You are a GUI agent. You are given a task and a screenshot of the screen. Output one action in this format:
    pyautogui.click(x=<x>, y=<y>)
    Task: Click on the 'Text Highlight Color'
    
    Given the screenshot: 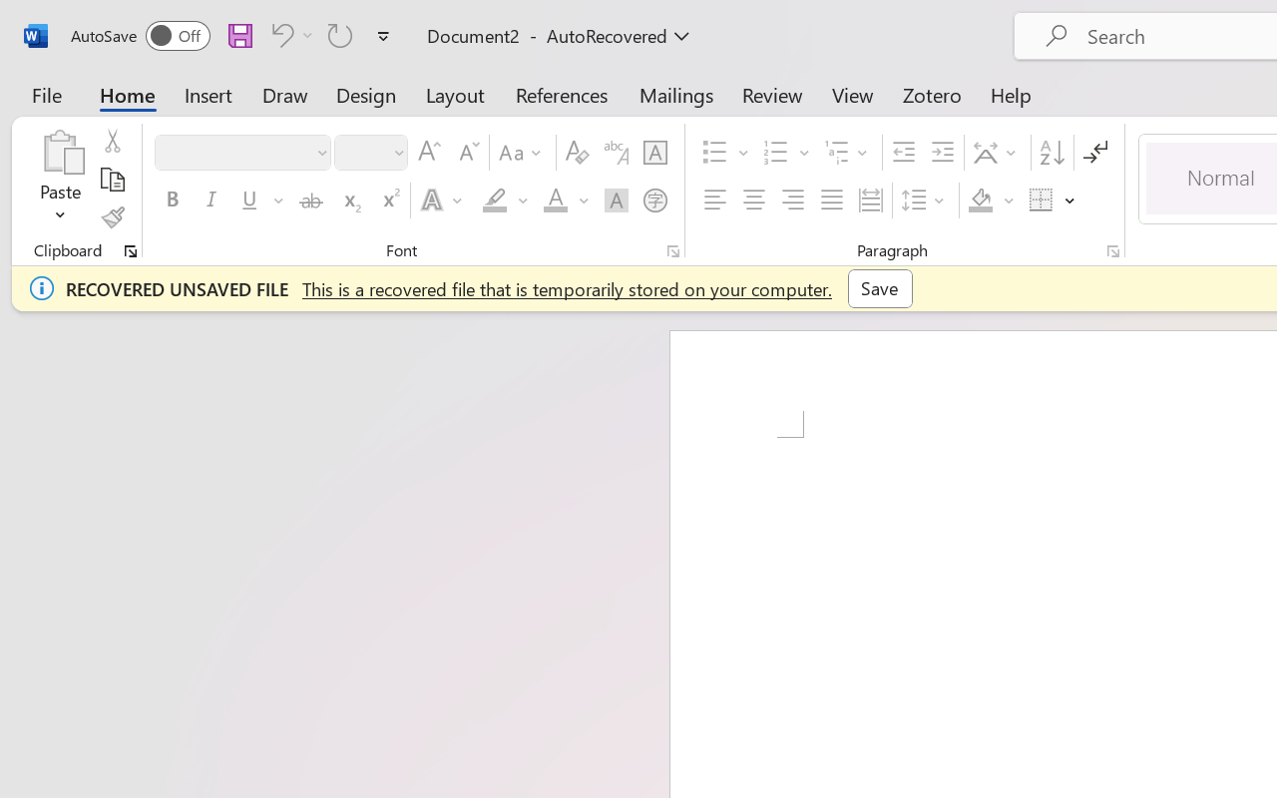 What is the action you would take?
    pyautogui.click(x=505, y=200)
    